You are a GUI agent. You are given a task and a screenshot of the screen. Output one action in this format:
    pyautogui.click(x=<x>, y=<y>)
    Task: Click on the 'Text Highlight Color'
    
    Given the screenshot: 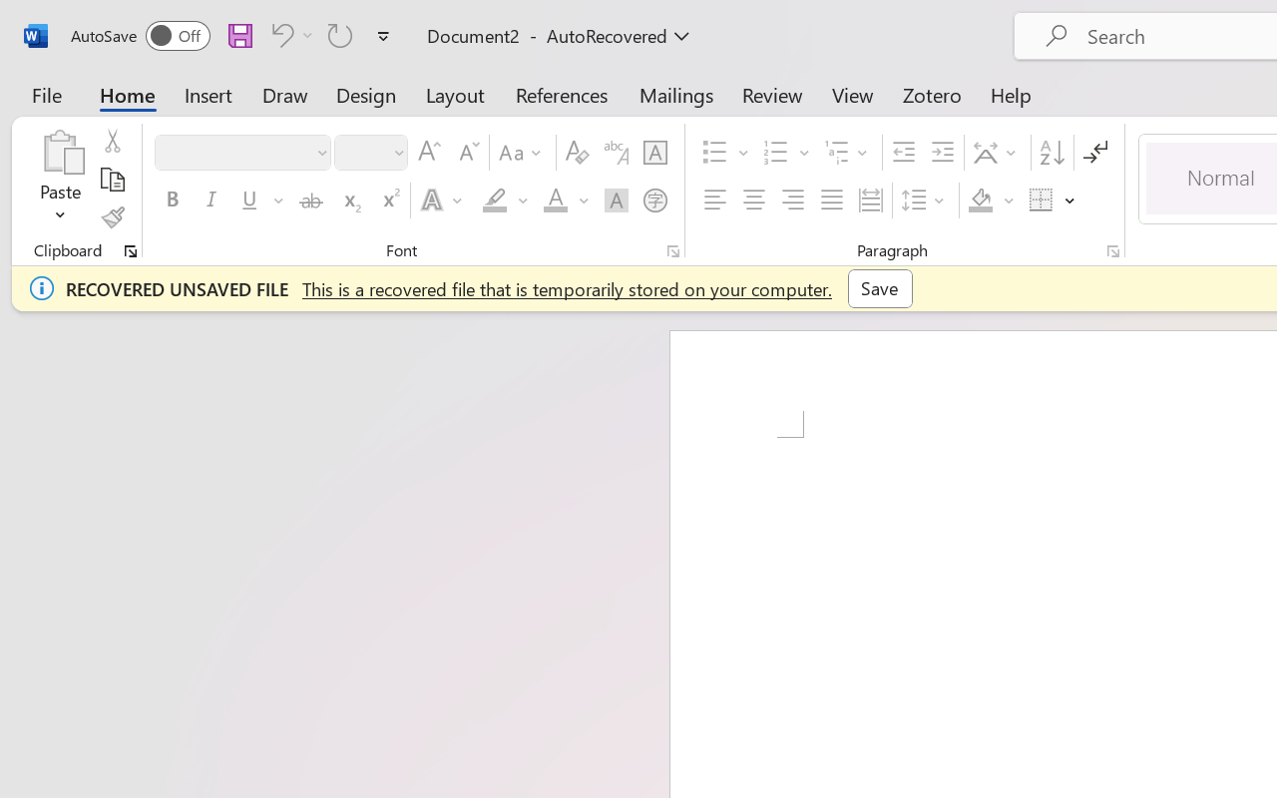 What is the action you would take?
    pyautogui.click(x=505, y=200)
    